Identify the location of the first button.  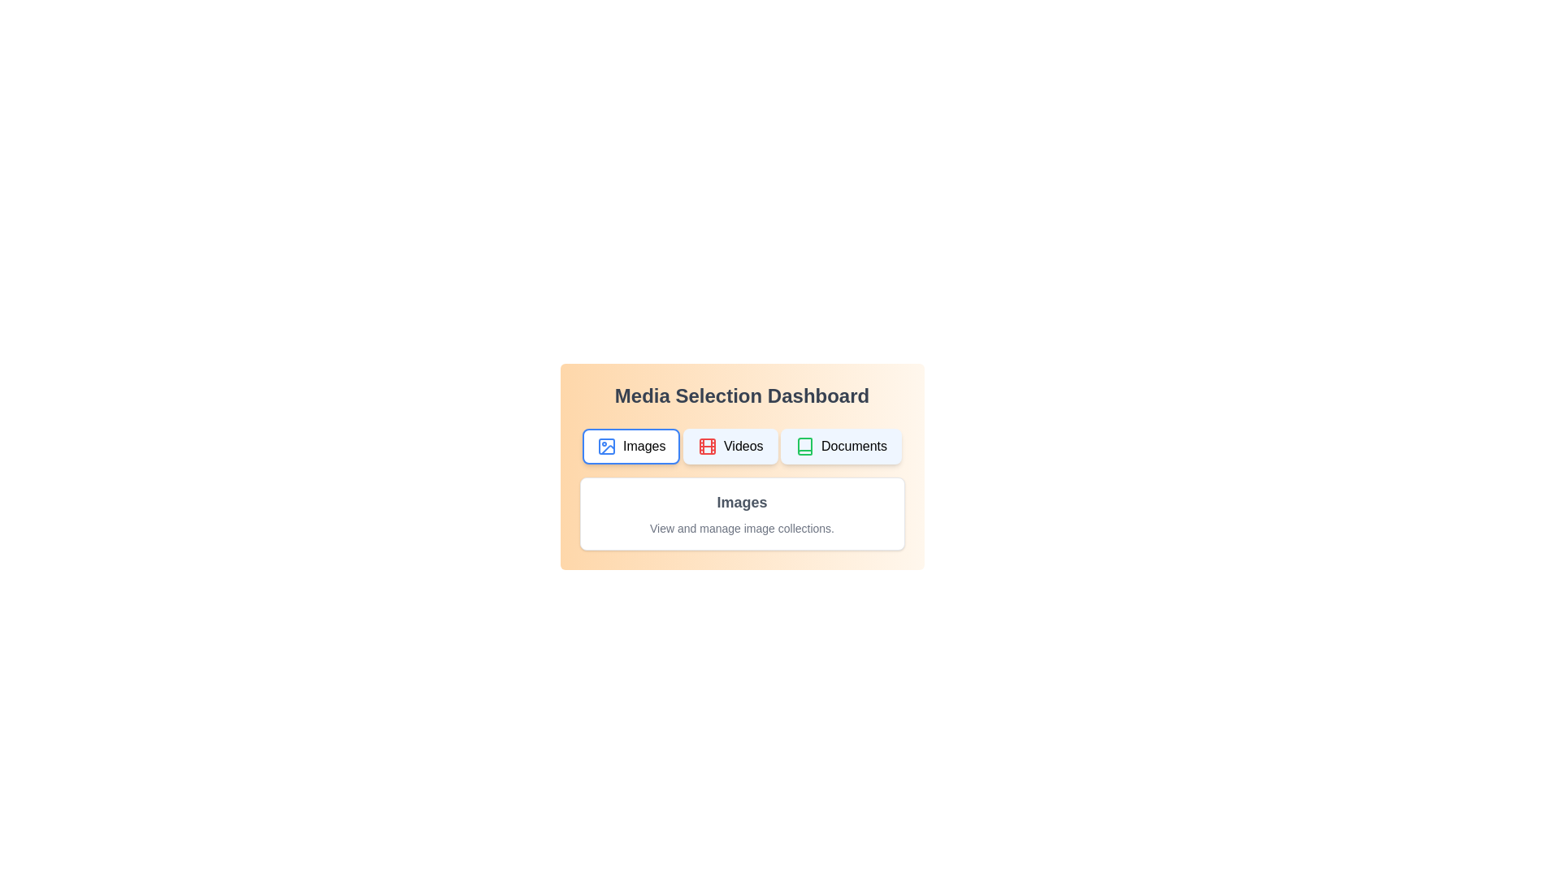
(630, 447).